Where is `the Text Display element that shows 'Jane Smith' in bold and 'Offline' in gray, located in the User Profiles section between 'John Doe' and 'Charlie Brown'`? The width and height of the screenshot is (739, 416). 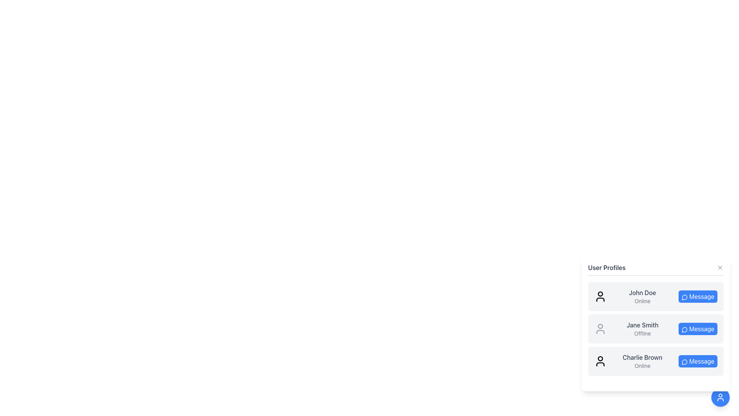
the Text Display element that shows 'Jane Smith' in bold and 'Offline' in gray, located in the User Profiles section between 'John Doe' and 'Charlie Brown' is located at coordinates (642, 329).